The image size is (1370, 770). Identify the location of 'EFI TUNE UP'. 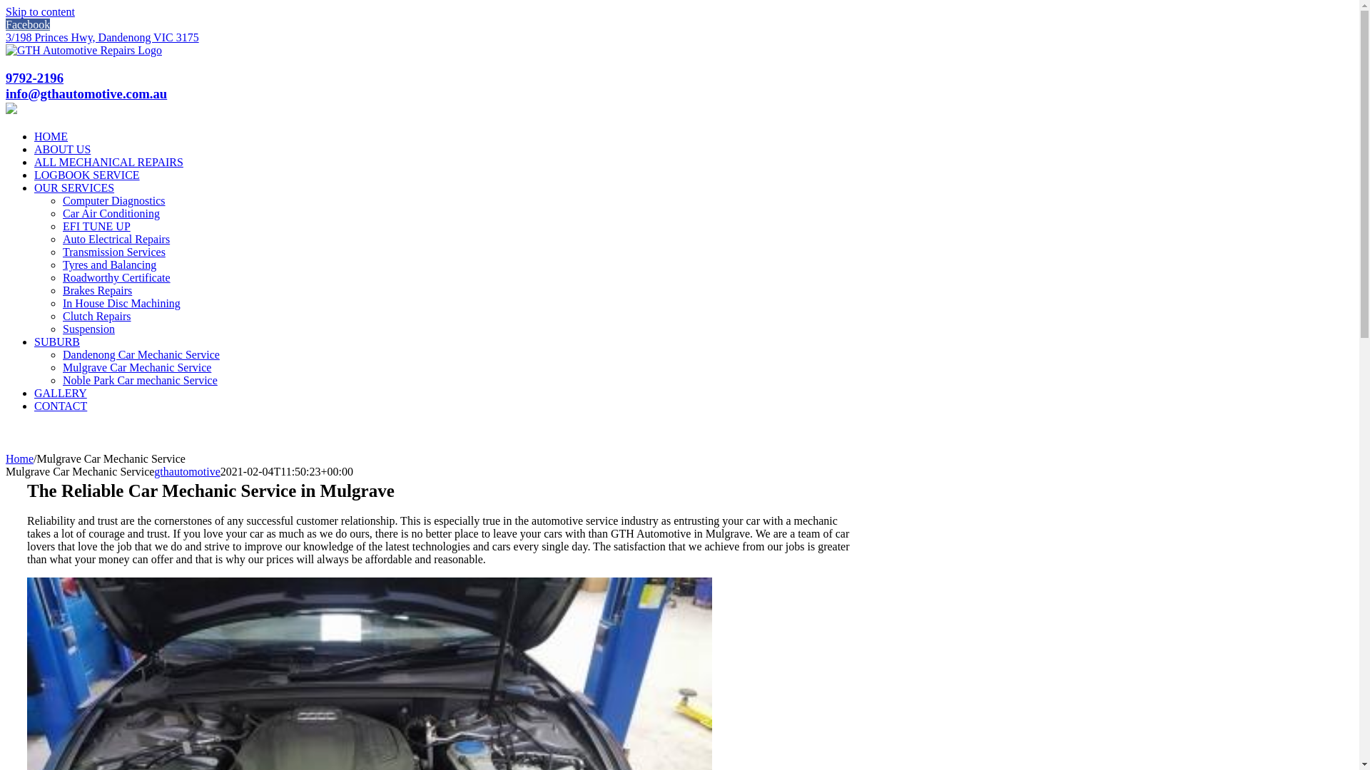
(61, 225).